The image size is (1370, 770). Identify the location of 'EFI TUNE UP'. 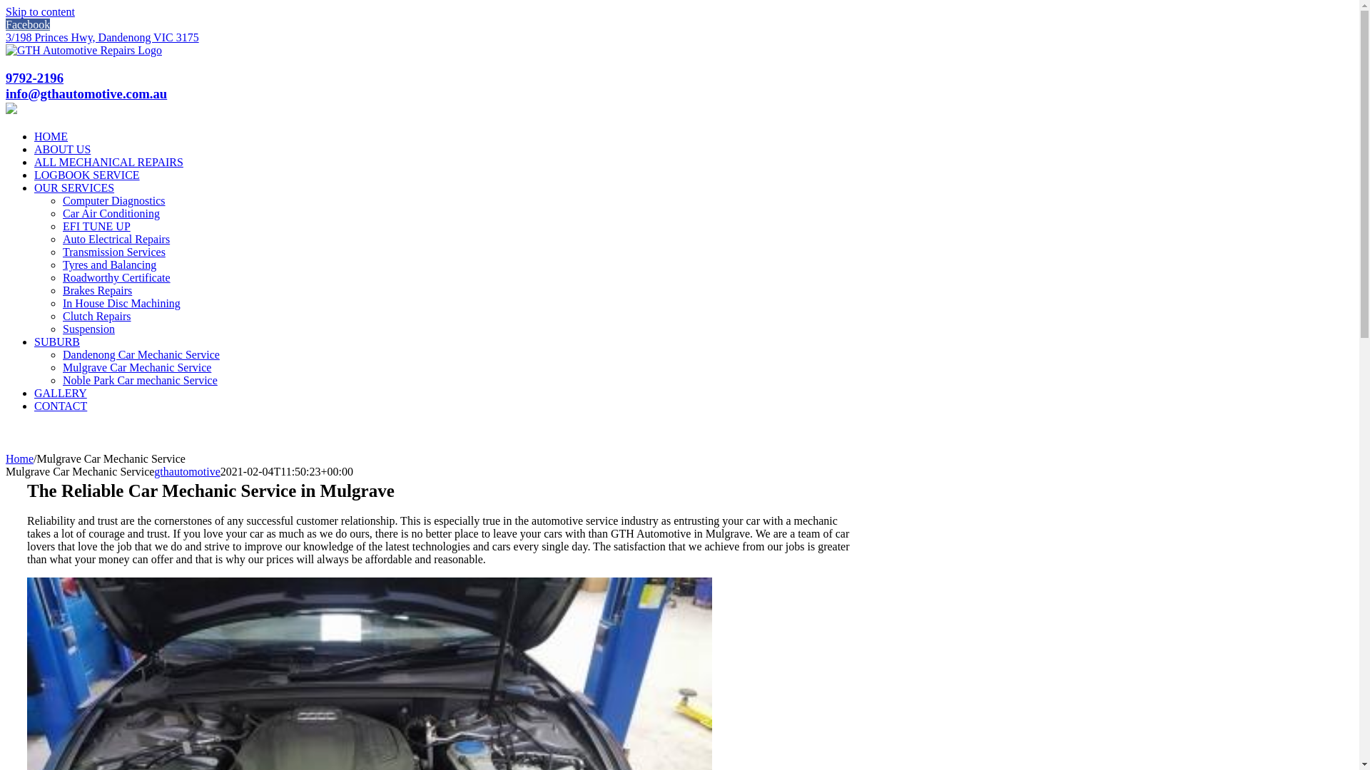
(61, 225).